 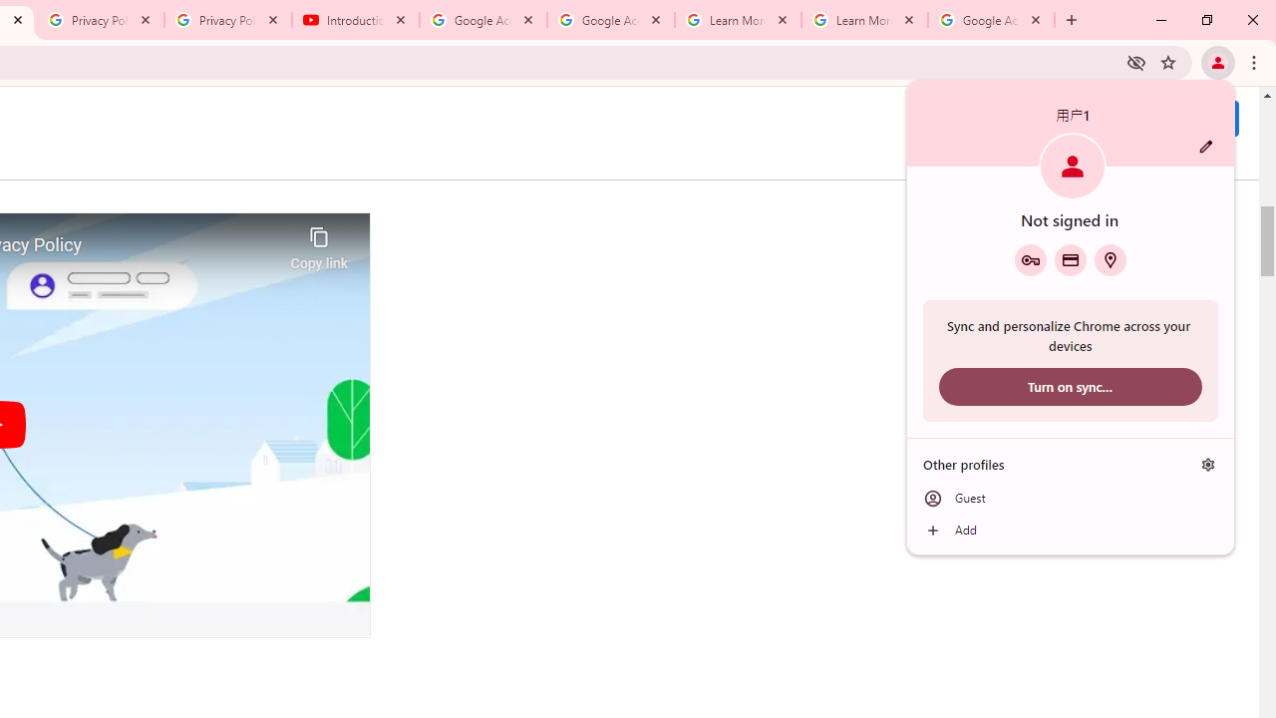 What do you see at coordinates (1030, 259) in the screenshot?
I see `'Google Password Manager'` at bounding box center [1030, 259].